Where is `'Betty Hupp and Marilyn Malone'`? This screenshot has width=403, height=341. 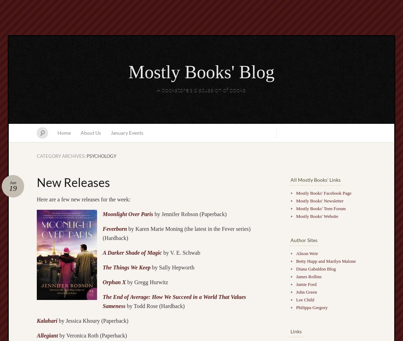
'Betty Hupp and Marilyn Malone' is located at coordinates (326, 261).